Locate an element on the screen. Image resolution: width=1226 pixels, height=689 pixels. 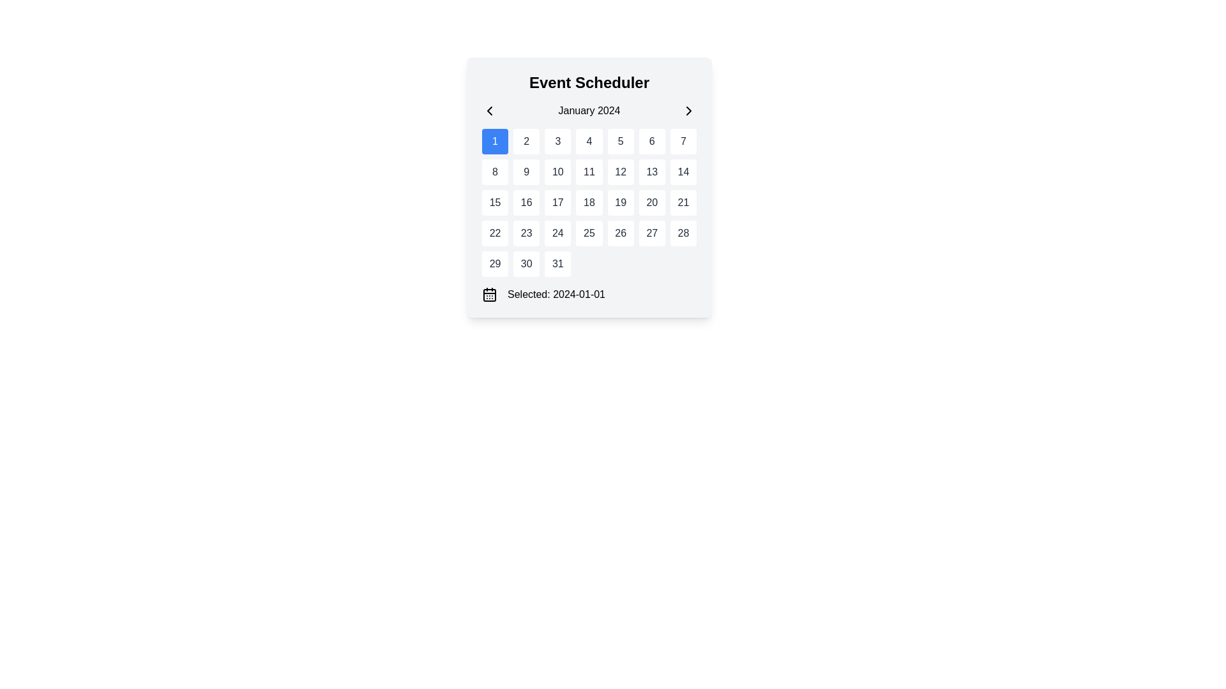
the date '24' button in the calendar located in the fourth row and third column is located at coordinates (557, 233).